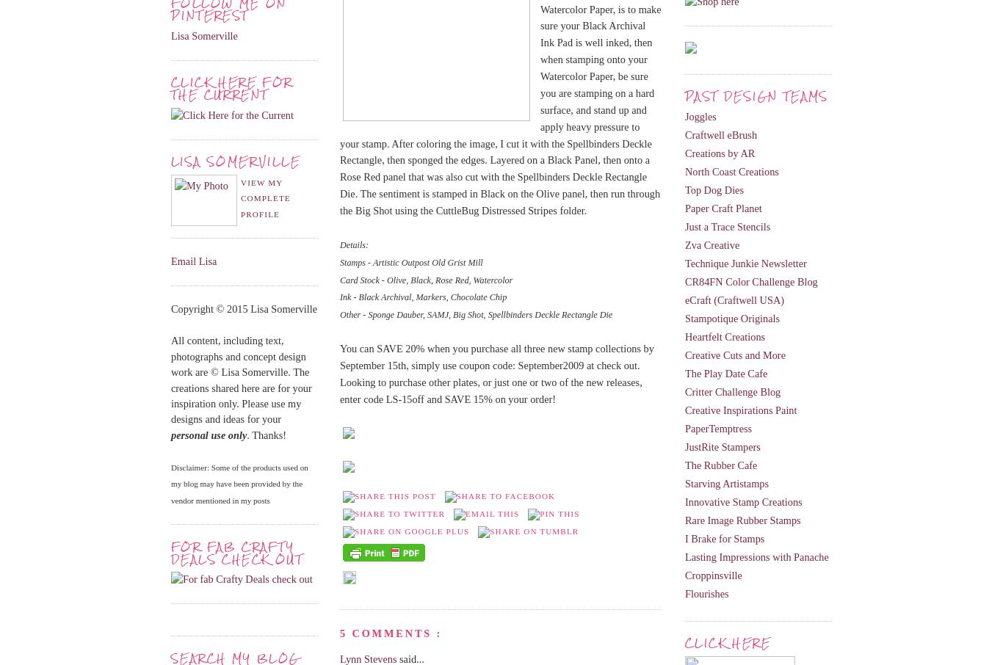 This screenshot has width=1003, height=665. I want to click on 'Stamps - Artistic Outpost Old Grist Mill', so click(339, 261).